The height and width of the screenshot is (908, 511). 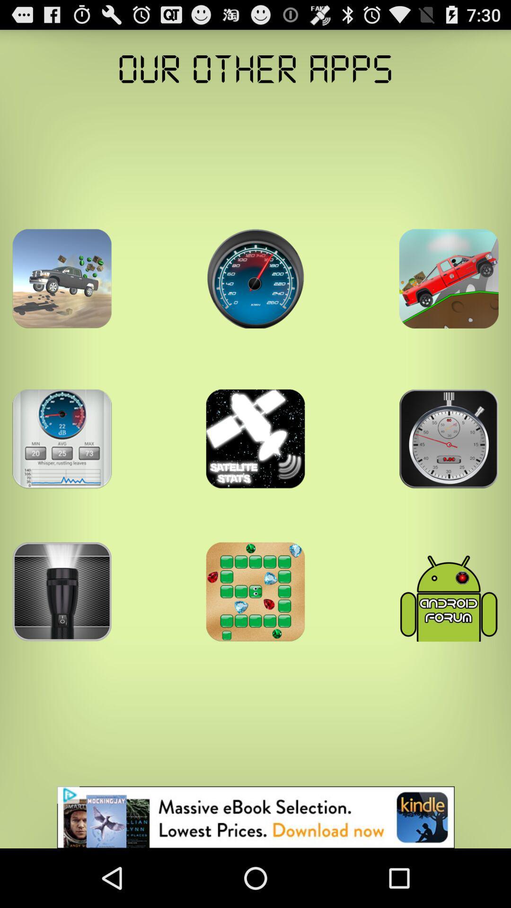 What do you see at coordinates (62, 591) in the screenshot?
I see `torch` at bounding box center [62, 591].